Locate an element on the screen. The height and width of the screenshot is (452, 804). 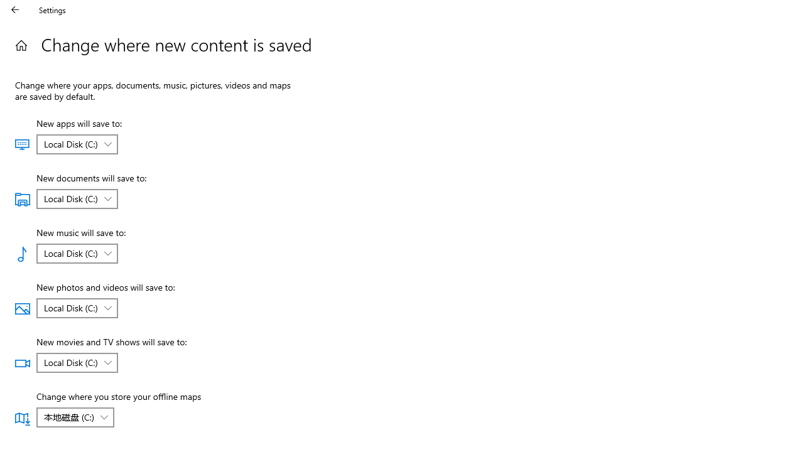
'New documents will save to:' is located at coordinates (76, 198).